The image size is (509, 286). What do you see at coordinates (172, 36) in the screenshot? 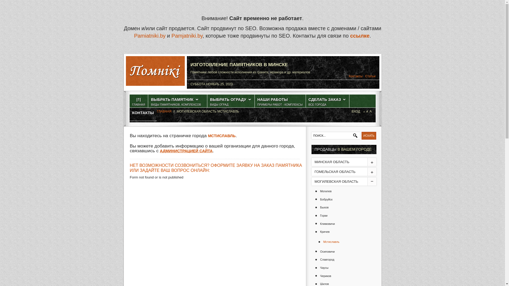
I see `'Pamjatniki.by'` at bounding box center [172, 36].